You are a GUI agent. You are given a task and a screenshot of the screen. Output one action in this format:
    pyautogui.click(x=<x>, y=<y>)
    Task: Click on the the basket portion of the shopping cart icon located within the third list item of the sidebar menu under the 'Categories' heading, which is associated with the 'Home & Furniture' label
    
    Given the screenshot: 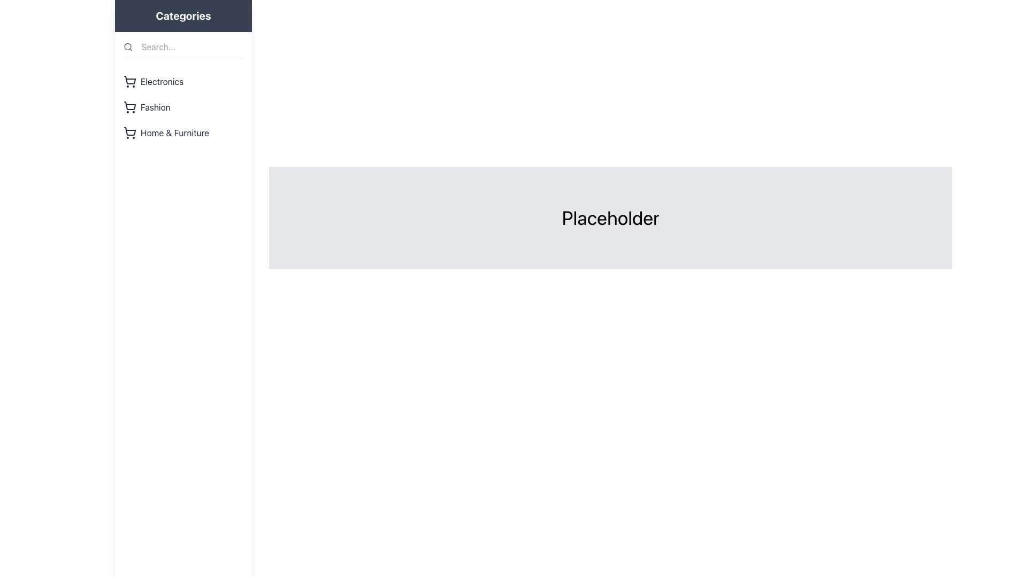 What is the action you would take?
    pyautogui.click(x=129, y=131)
    